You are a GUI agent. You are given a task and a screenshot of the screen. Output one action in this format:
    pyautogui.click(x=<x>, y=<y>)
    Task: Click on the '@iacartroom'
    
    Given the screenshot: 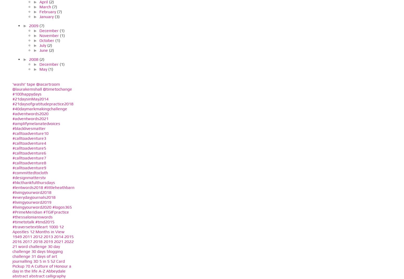 What is the action you would take?
    pyautogui.click(x=48, y=84)
    